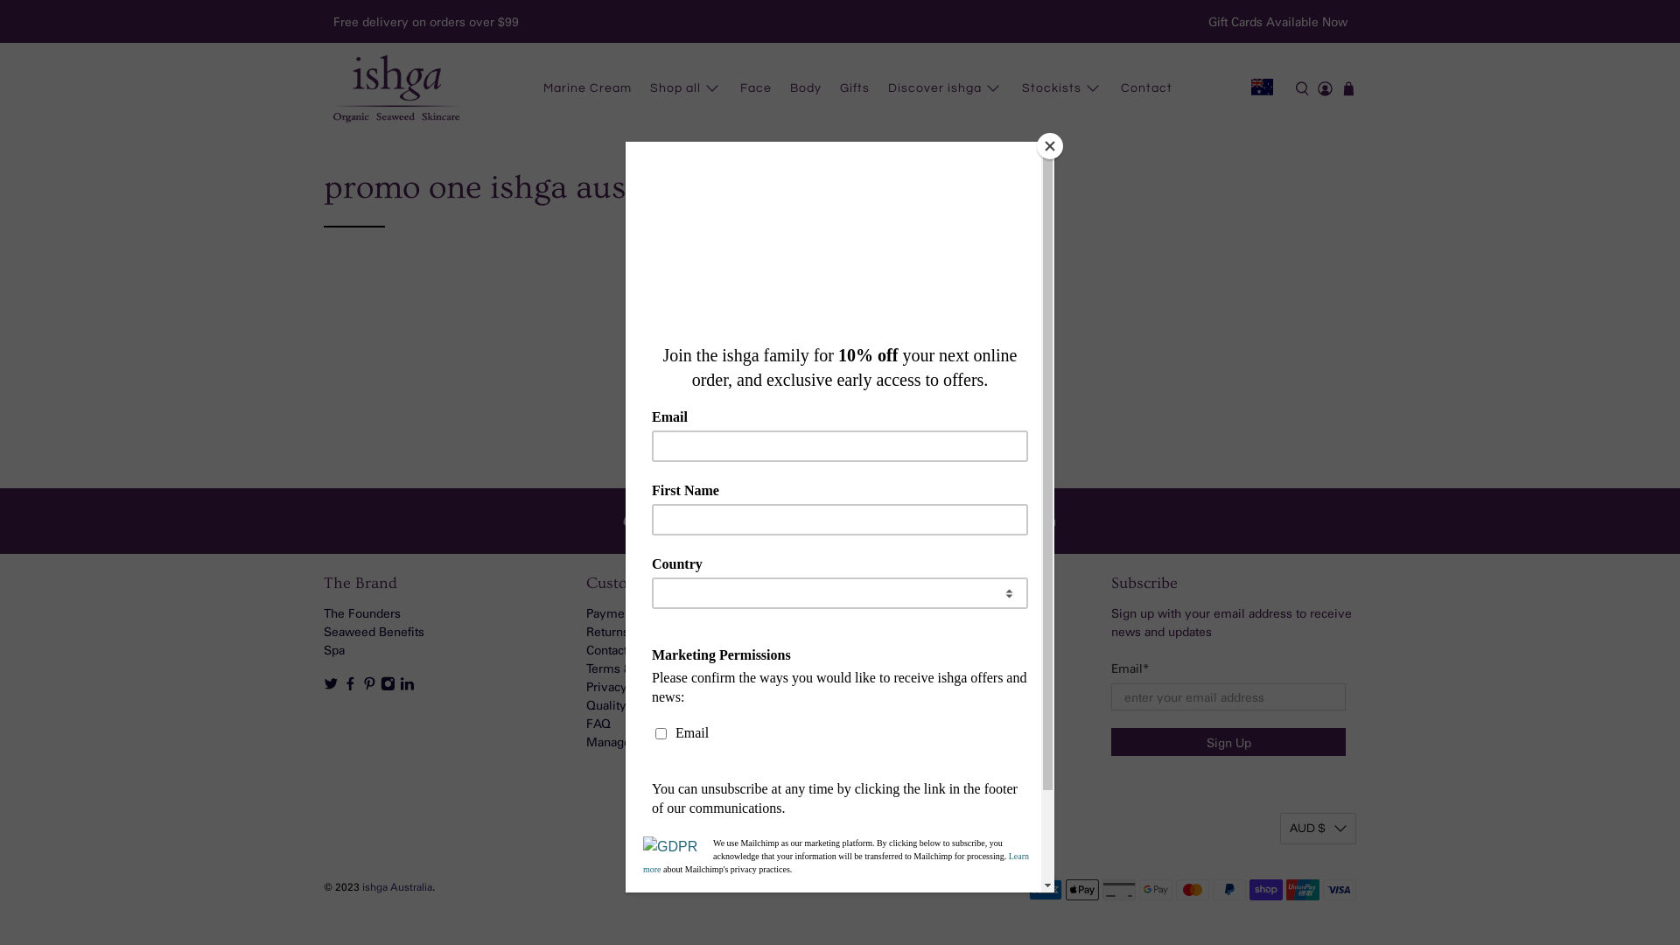 The image size is (1680, 945). I want to click on 'SEK', so click(1318, 101).